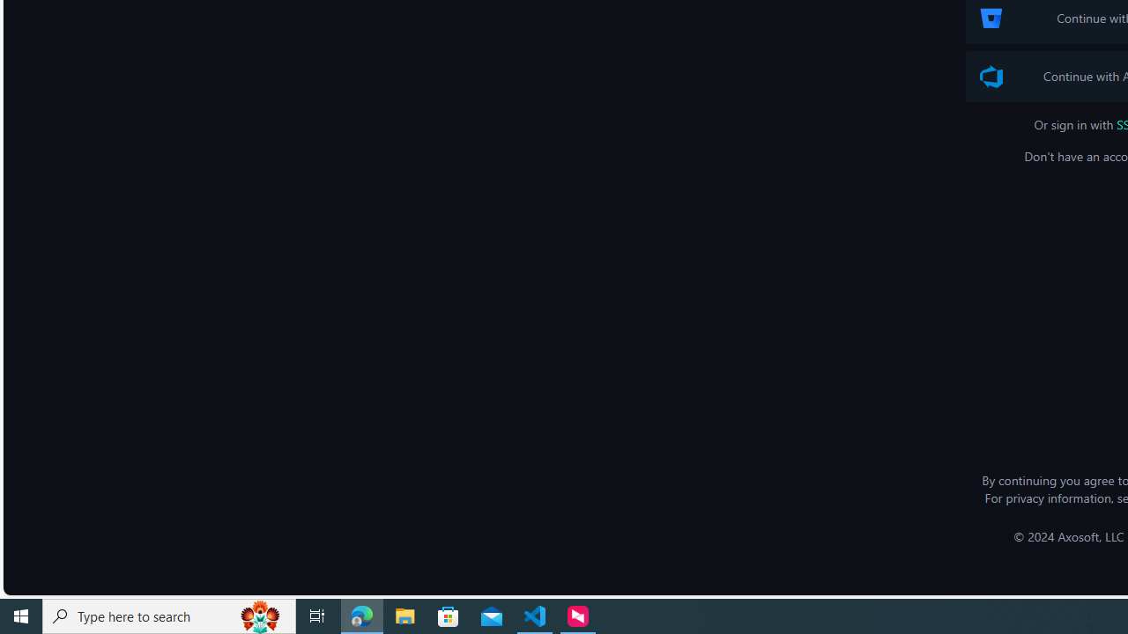  Describe the element at coordinates (316, 615) in the screenshot. I see `'Task View'` at that location.